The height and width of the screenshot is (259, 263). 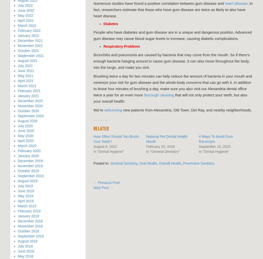 What do you see at coordinates (170, 163) in the screenshot?
I see `'Overall Health'` at bounding box center [170, 163].